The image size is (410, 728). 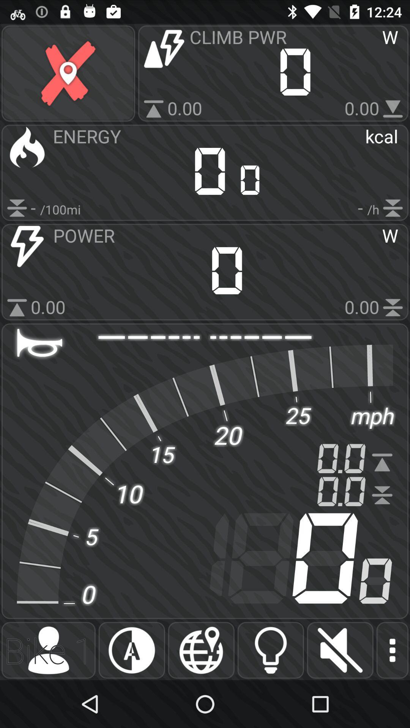 I want to click on open navigation, so click(x=201, y=650).